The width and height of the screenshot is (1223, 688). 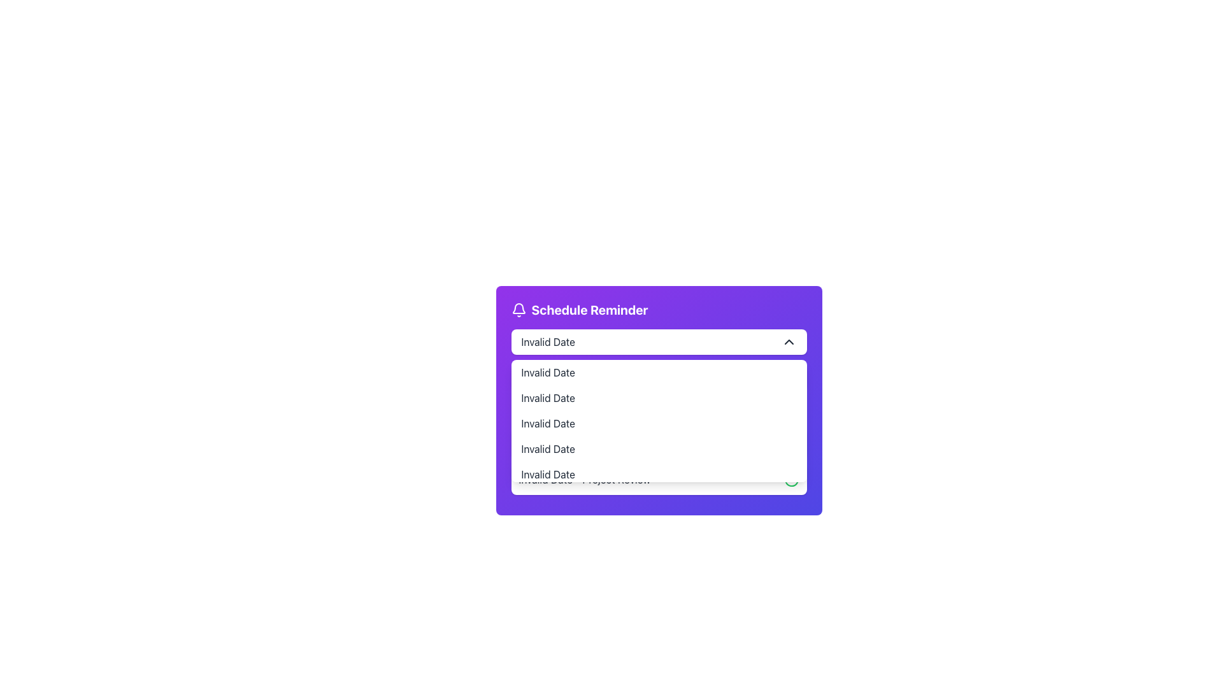 I want to click on the bell-shaped icon in the UI's header section, which is characterized by its rounded base and SVG vector paths, so click(x=519, y=308).